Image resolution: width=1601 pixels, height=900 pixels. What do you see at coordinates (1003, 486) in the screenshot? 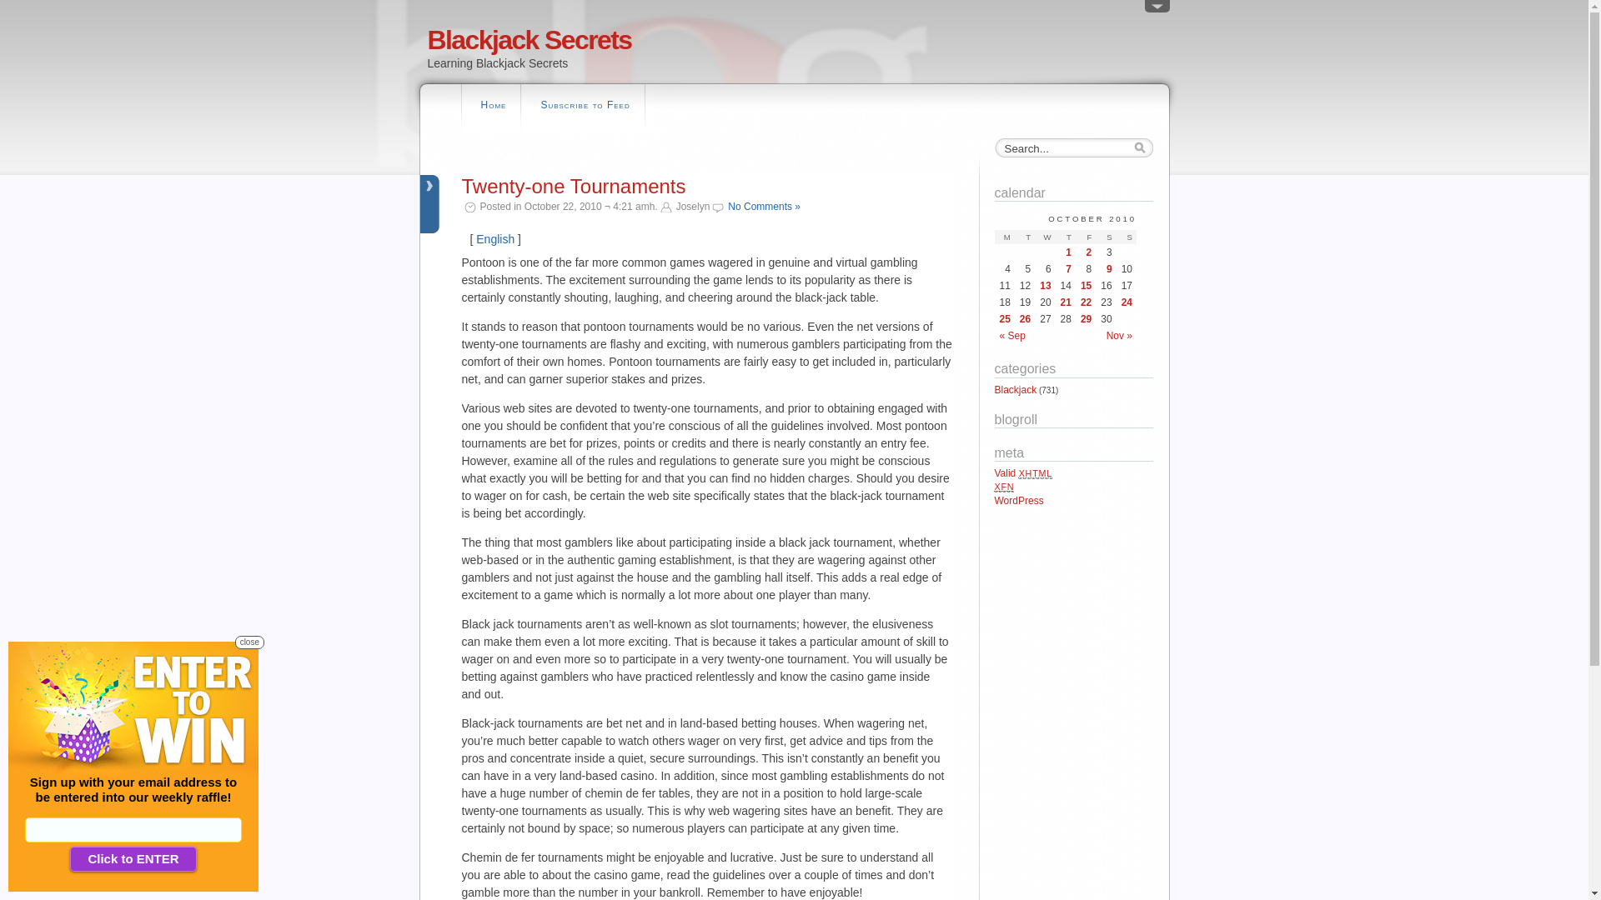
I see `'XFN'` at bounding box center [1003, 486].